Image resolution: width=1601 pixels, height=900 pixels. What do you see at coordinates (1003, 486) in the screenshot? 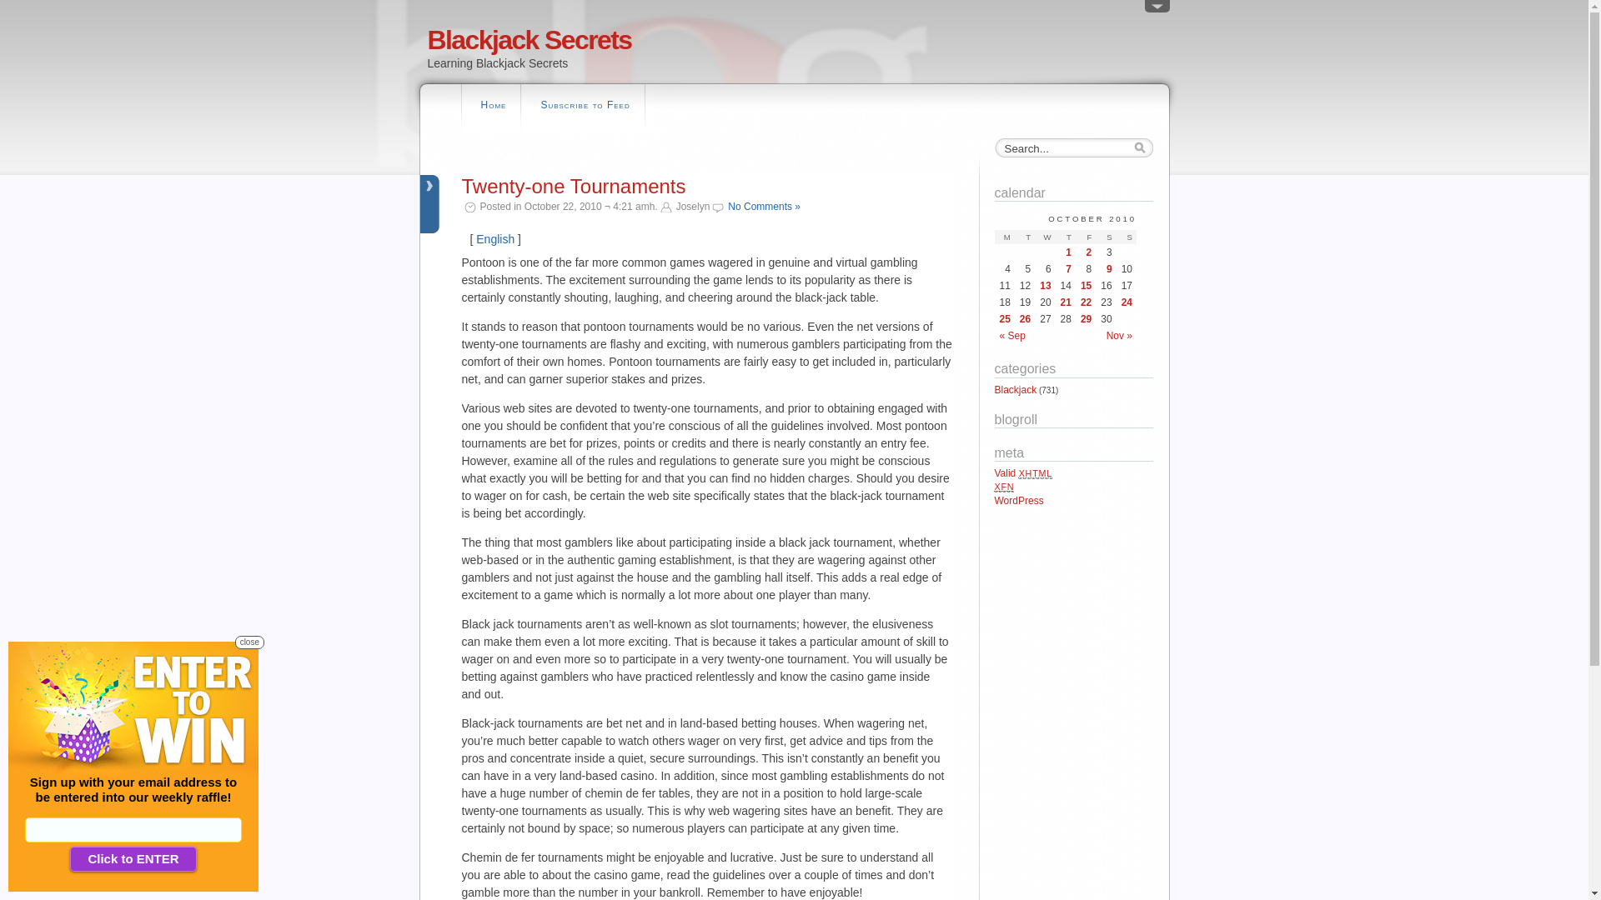
I see `'XFN'` at bounding box center [1003, 486].